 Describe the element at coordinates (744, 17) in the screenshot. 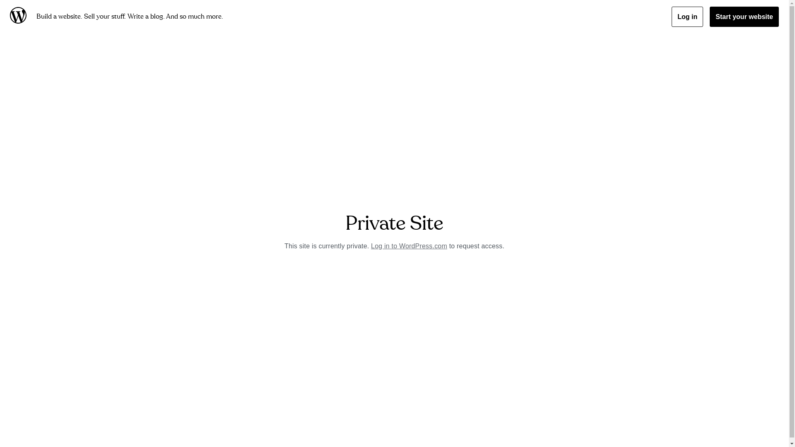

I see `'Start your website'` at that location.